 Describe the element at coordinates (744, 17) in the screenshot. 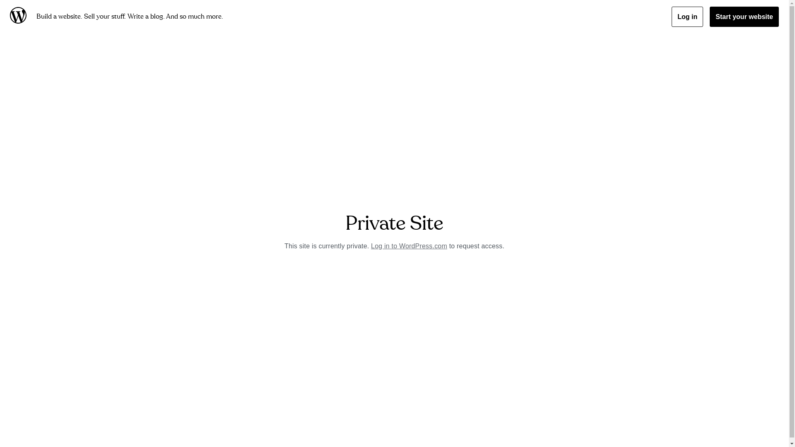

I see `'Start your website'` at that location.